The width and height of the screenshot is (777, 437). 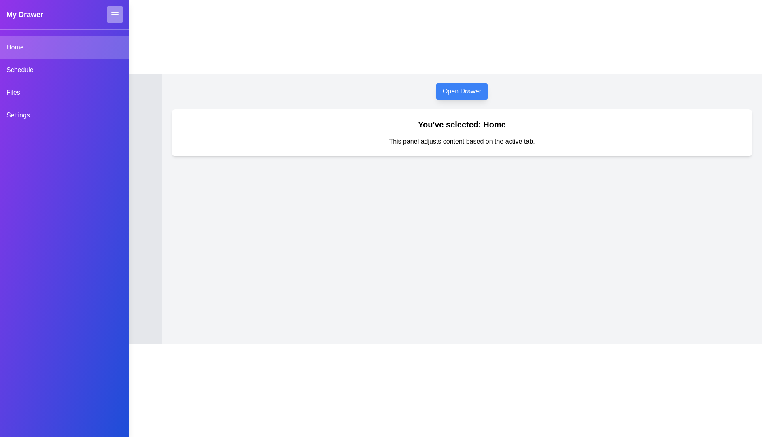 What do you see at coordinates (114, 14) in the screenshot?
I see `close button in the drawer header to close the drawer` at bounding box center [114, 14].